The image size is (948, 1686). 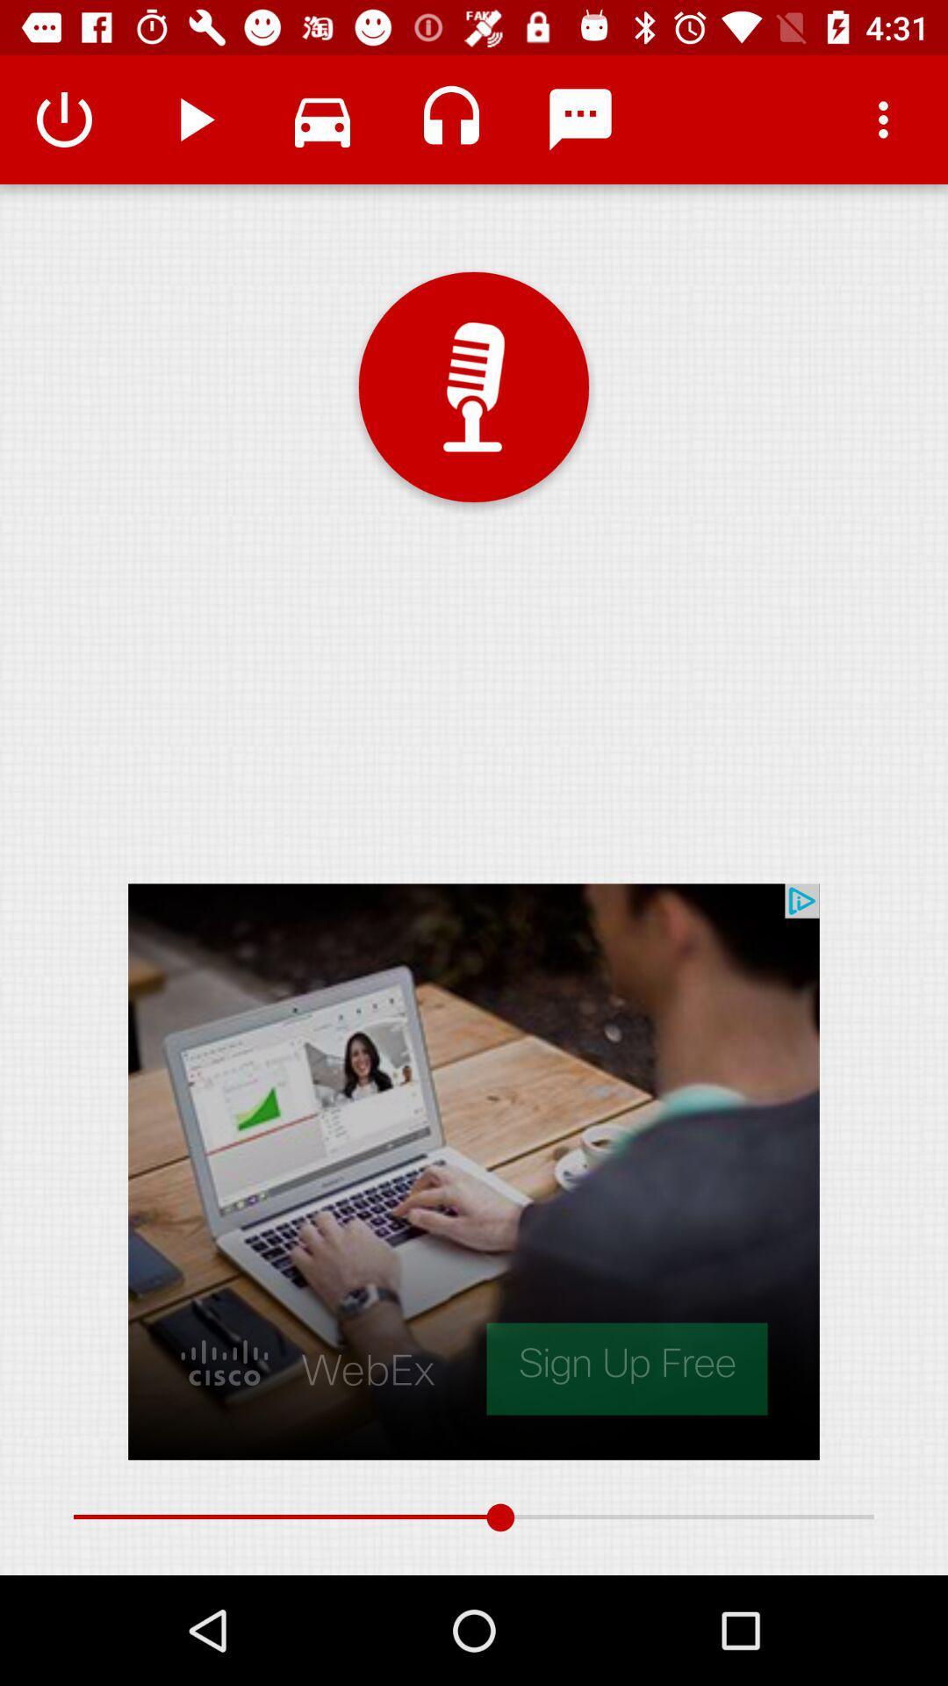 What do you see at coordinates (580, 119) in the screenshot?
I see `the chat icon` at bounding box center [580, 119].